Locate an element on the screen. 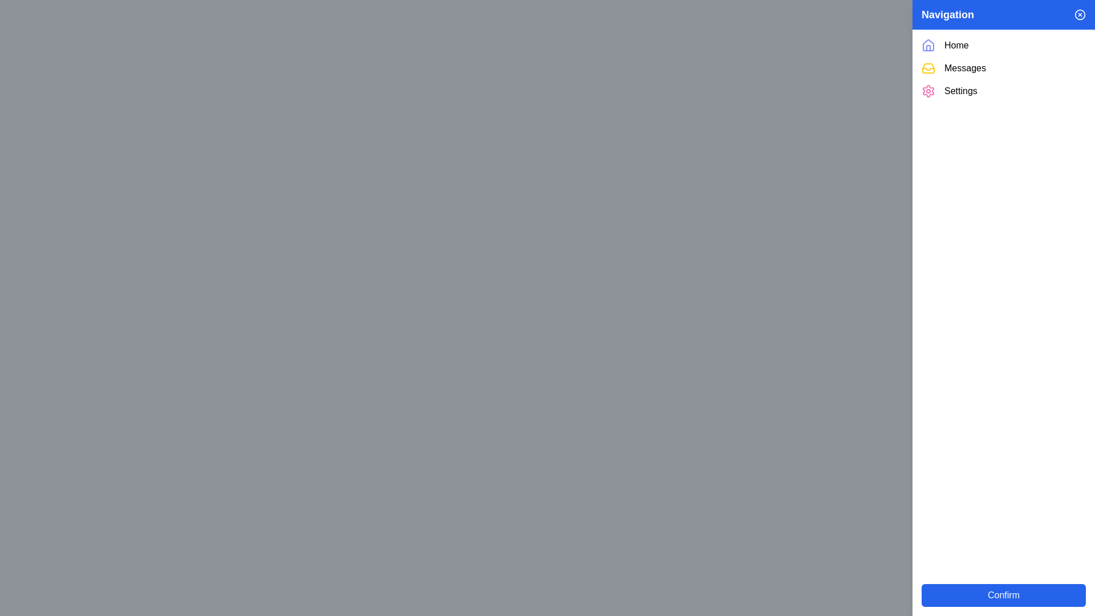 Image resolution: width=1095 pixels, height=616 pixels. the 'Home' text label in the vertical navigation menu, located to the right of the interface, next to the house icon is located at coordinates (956, 45).